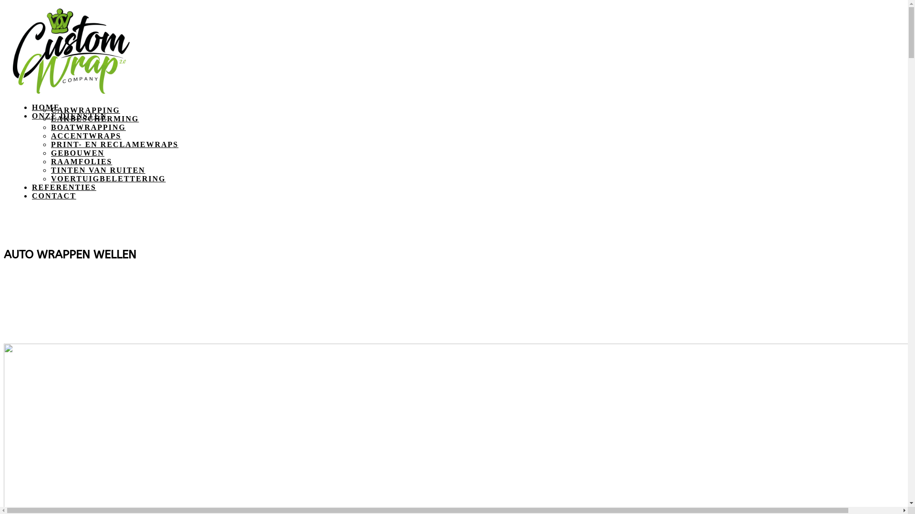  Describe the element at coordinates (50, 169) in the screenshot. I see `'TINTEN VAN RUITEN'` at that location.